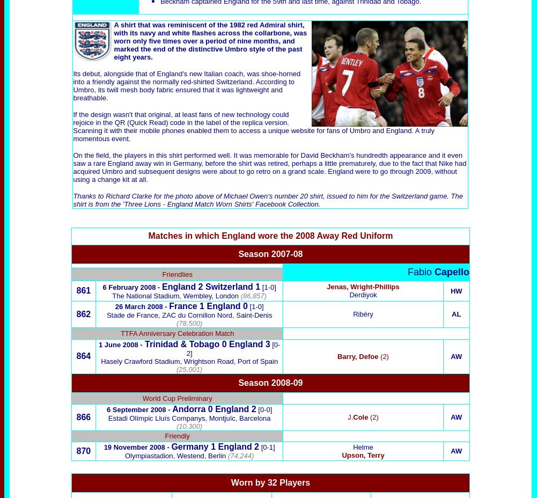 This screenshot has width=537, height=498. I want to click on 'A shirt that was reminiscent of 
the', so click(172, 24).